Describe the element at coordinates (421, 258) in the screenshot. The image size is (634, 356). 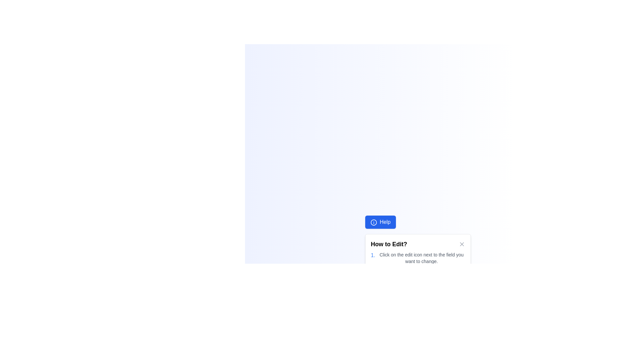
I see `instructional text segment that says 'Click on the edit icon next to the field you want to change.' which is styled in a smaller gray font and is part of the first numbered help list item` at that location.